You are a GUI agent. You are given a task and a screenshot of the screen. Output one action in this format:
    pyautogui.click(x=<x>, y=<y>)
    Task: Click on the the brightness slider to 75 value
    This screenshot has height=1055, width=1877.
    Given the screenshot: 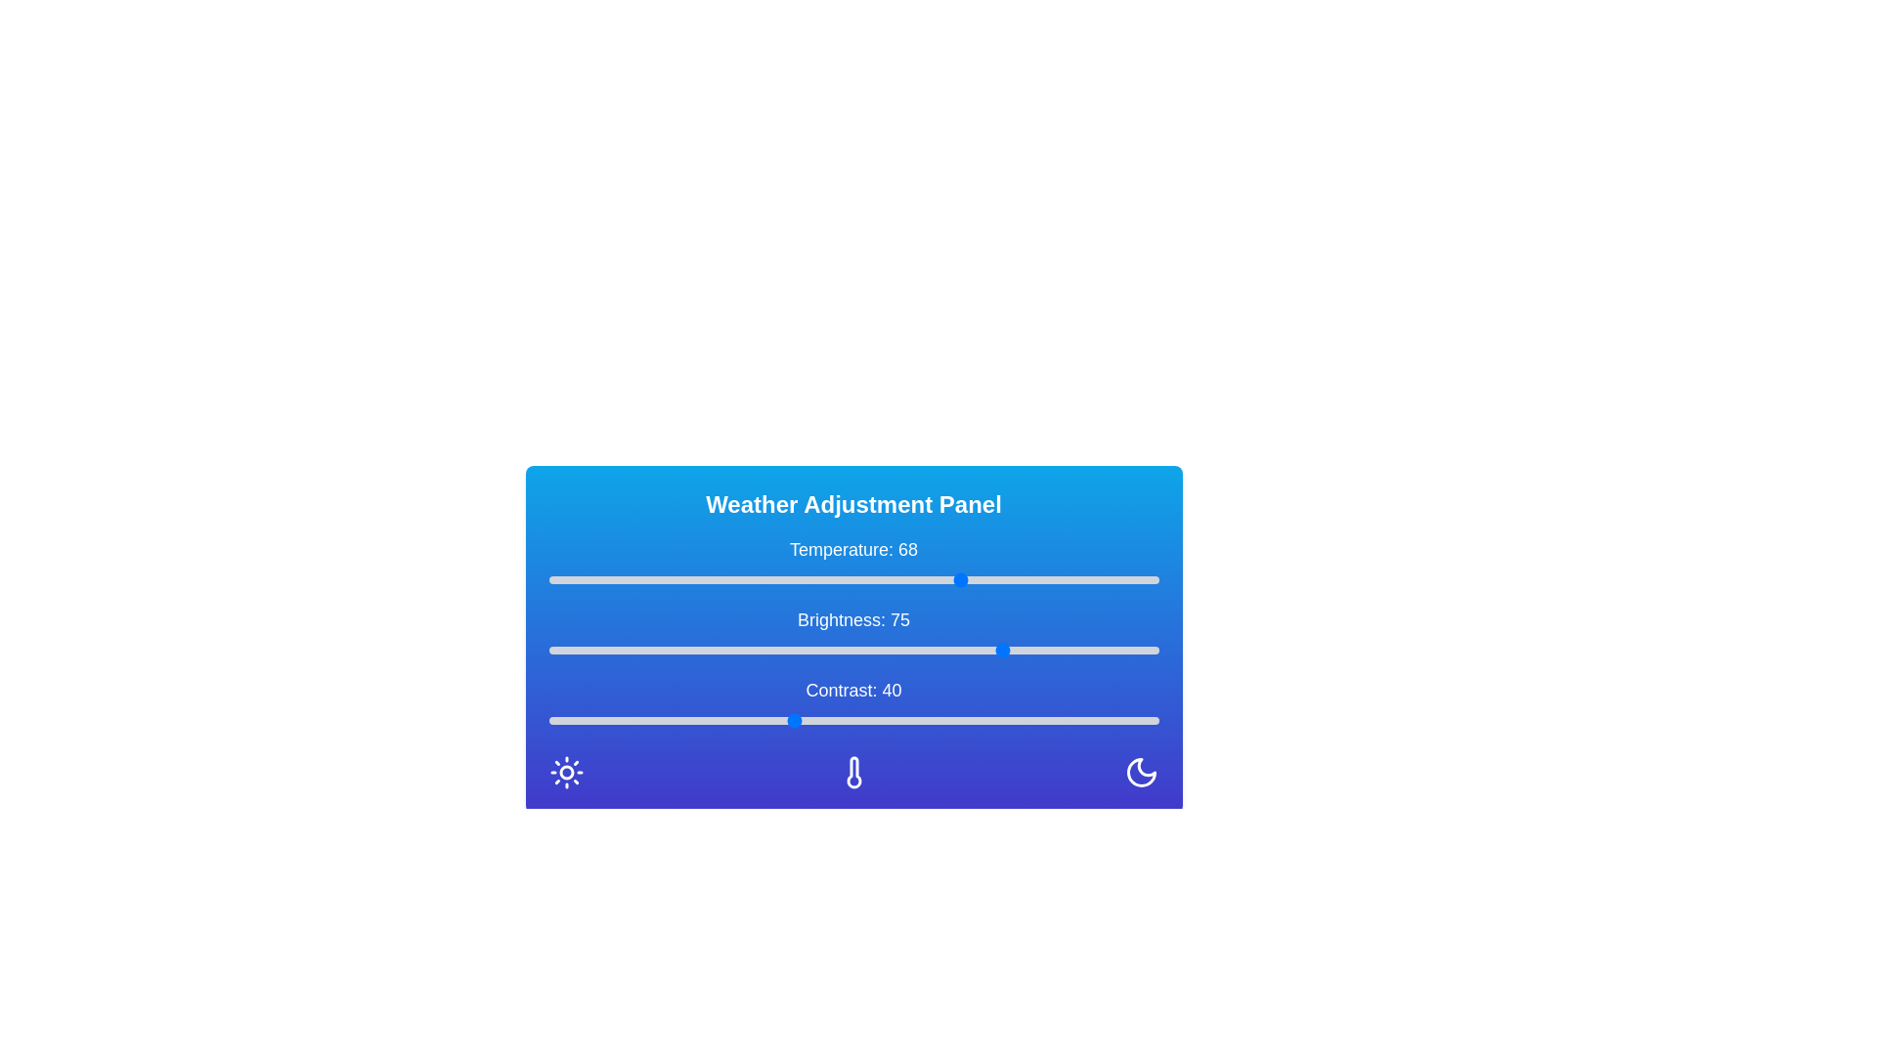 What is the action you would take?
    pyautogui.click(x=1006, y=651)
    